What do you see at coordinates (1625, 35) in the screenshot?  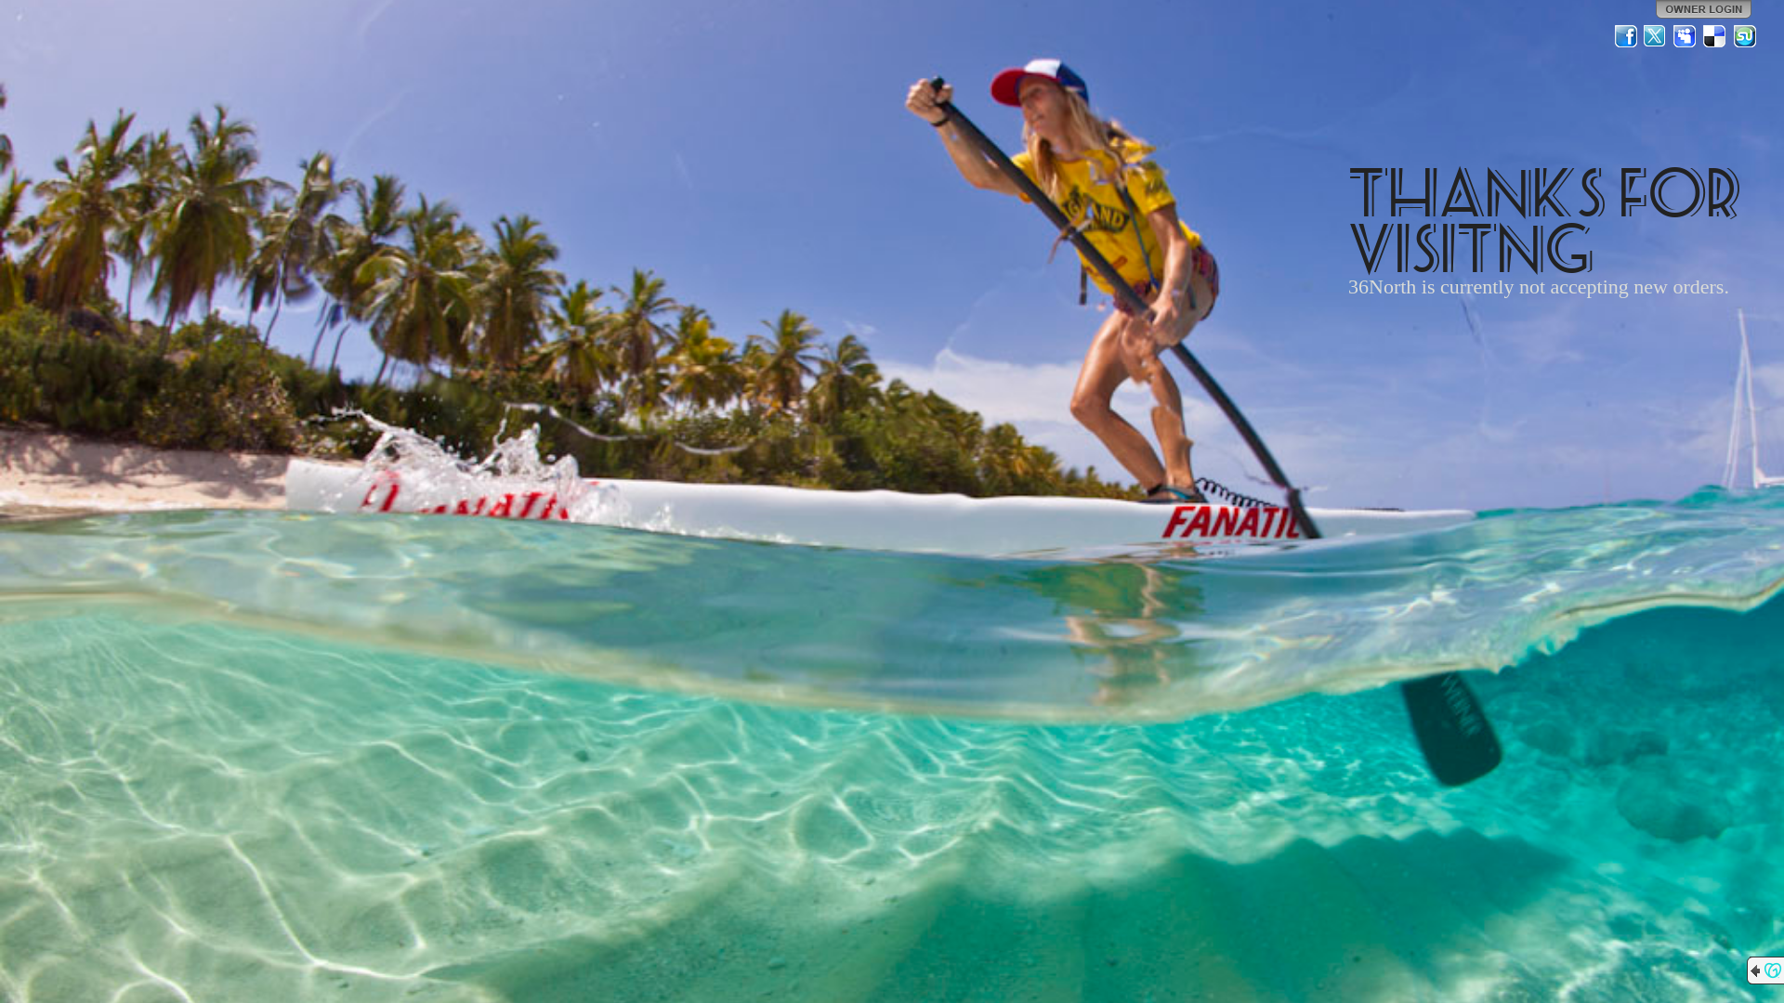 I see `'Facebook'` at bounding box center [1625, 35].